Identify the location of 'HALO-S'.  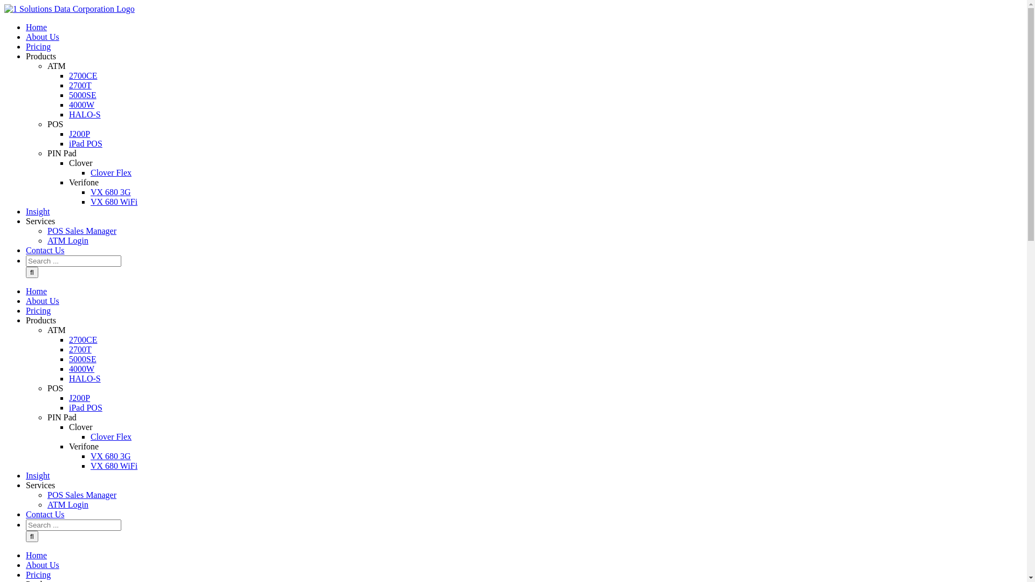
(84, 378).